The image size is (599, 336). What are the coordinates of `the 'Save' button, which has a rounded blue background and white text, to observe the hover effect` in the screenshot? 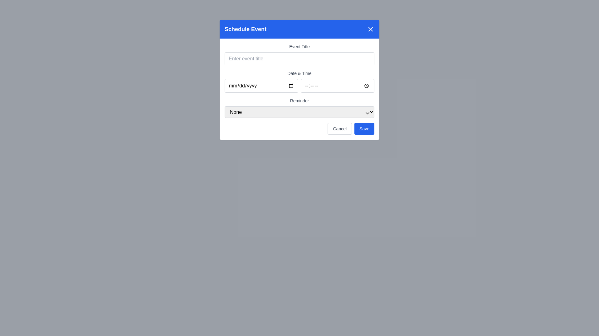 It's located at (364, 128).